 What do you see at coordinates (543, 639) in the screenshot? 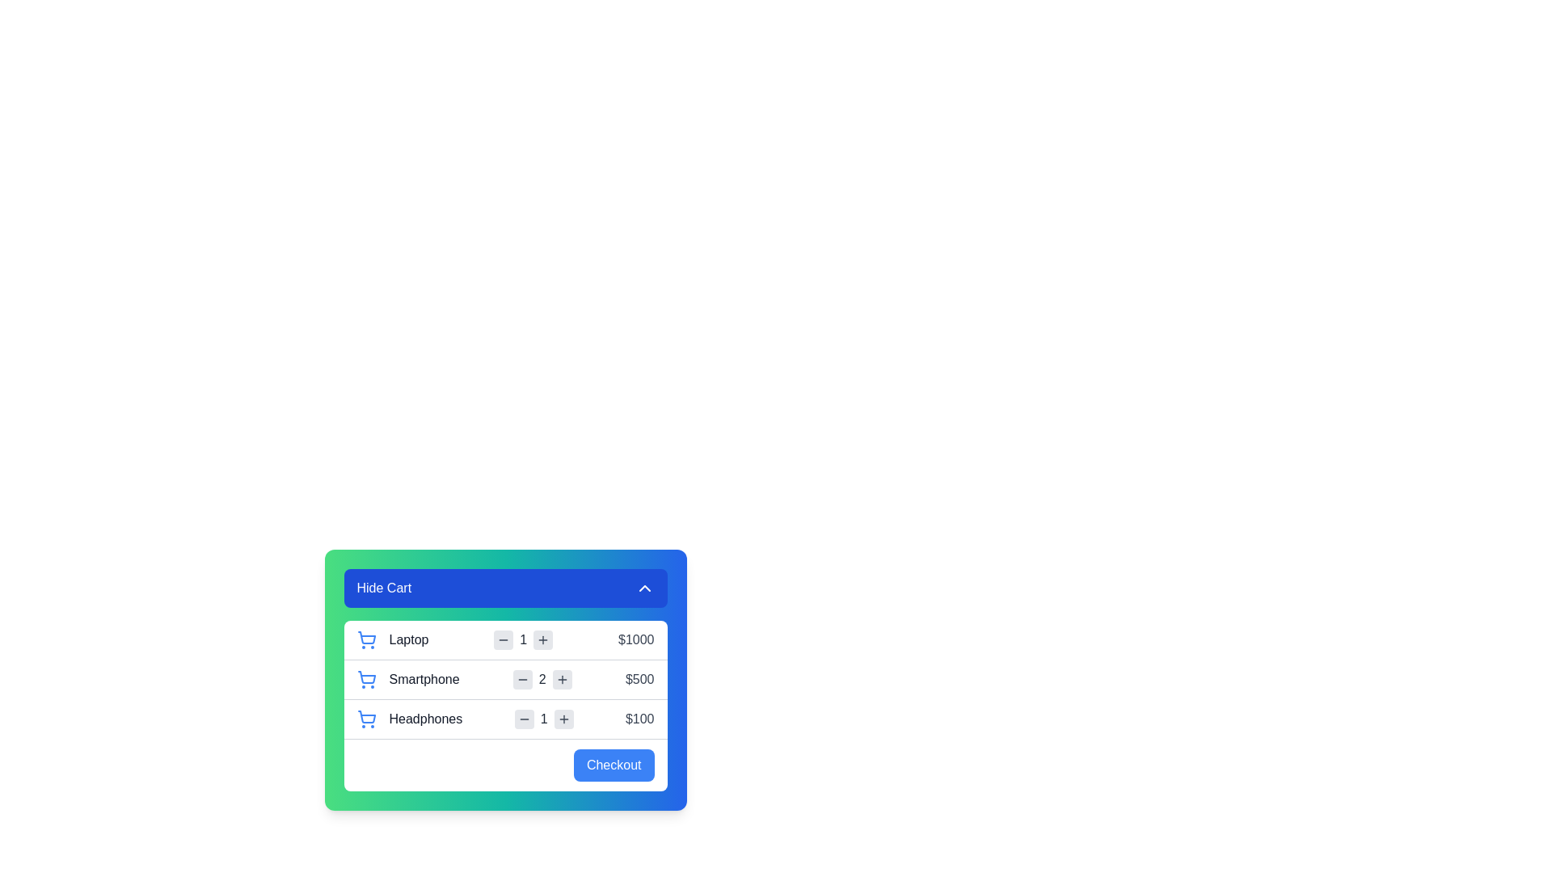
I see `the small circular plus icon located in the shopping cart interface next to the quantity input field for the 'Laptop' item to increment the item count` at bounding box center [543, 639].